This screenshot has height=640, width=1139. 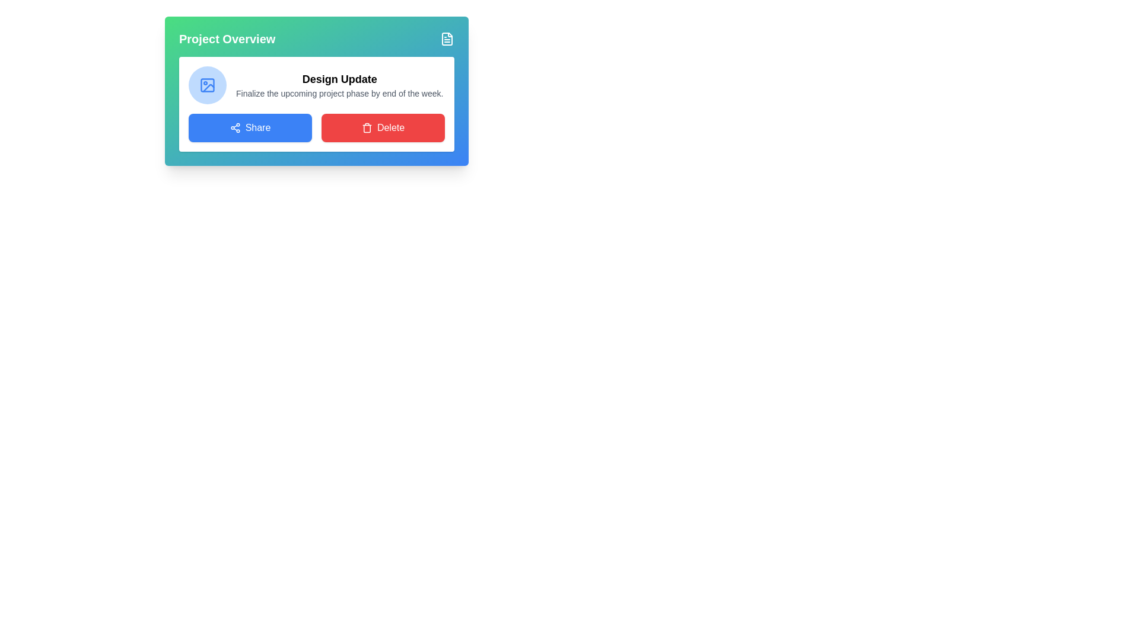 I want to click on the Delete button in the white rectangular Card titled 'Design Update', so click(x=316, y=104).